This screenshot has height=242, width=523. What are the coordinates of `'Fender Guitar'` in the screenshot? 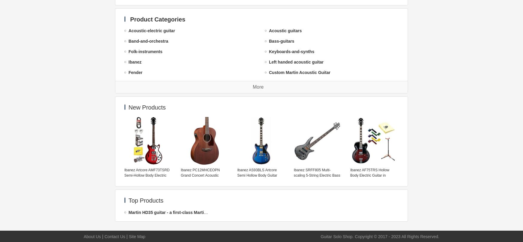 It's located at (282, 114).